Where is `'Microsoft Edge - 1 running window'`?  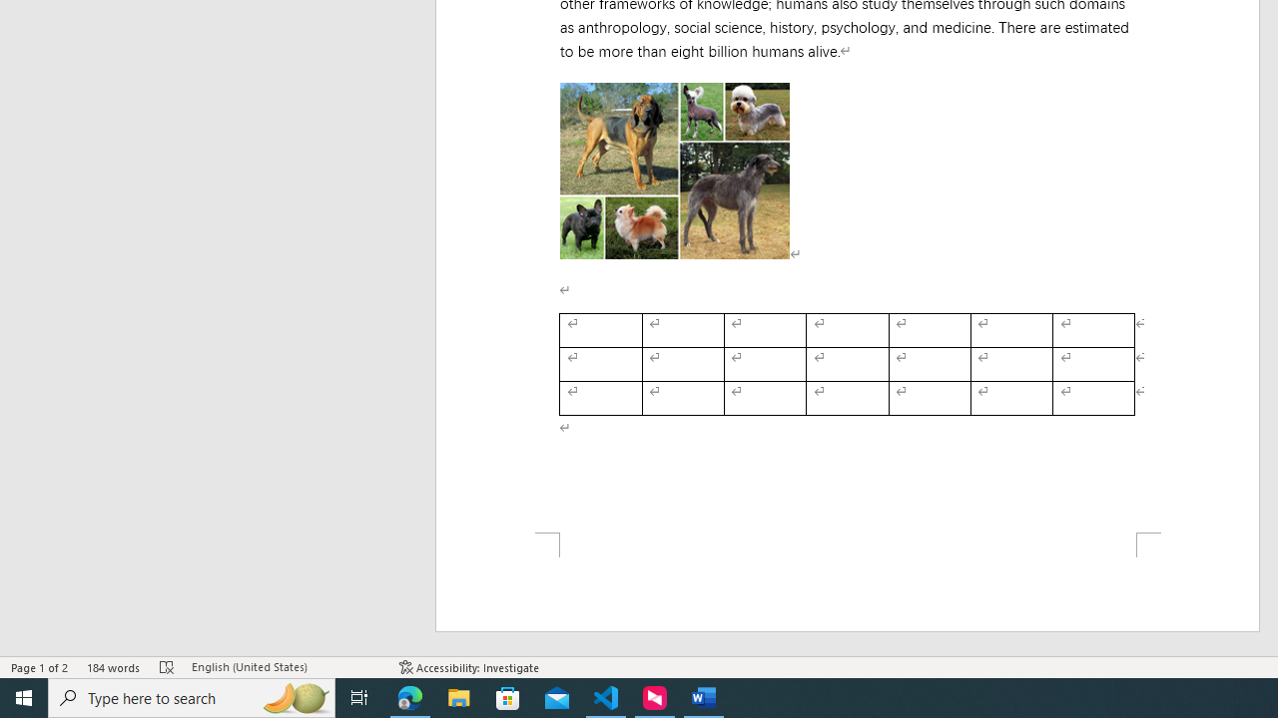 'Microsoft Edge - 1 running window' is located at coordinates (409, 696).